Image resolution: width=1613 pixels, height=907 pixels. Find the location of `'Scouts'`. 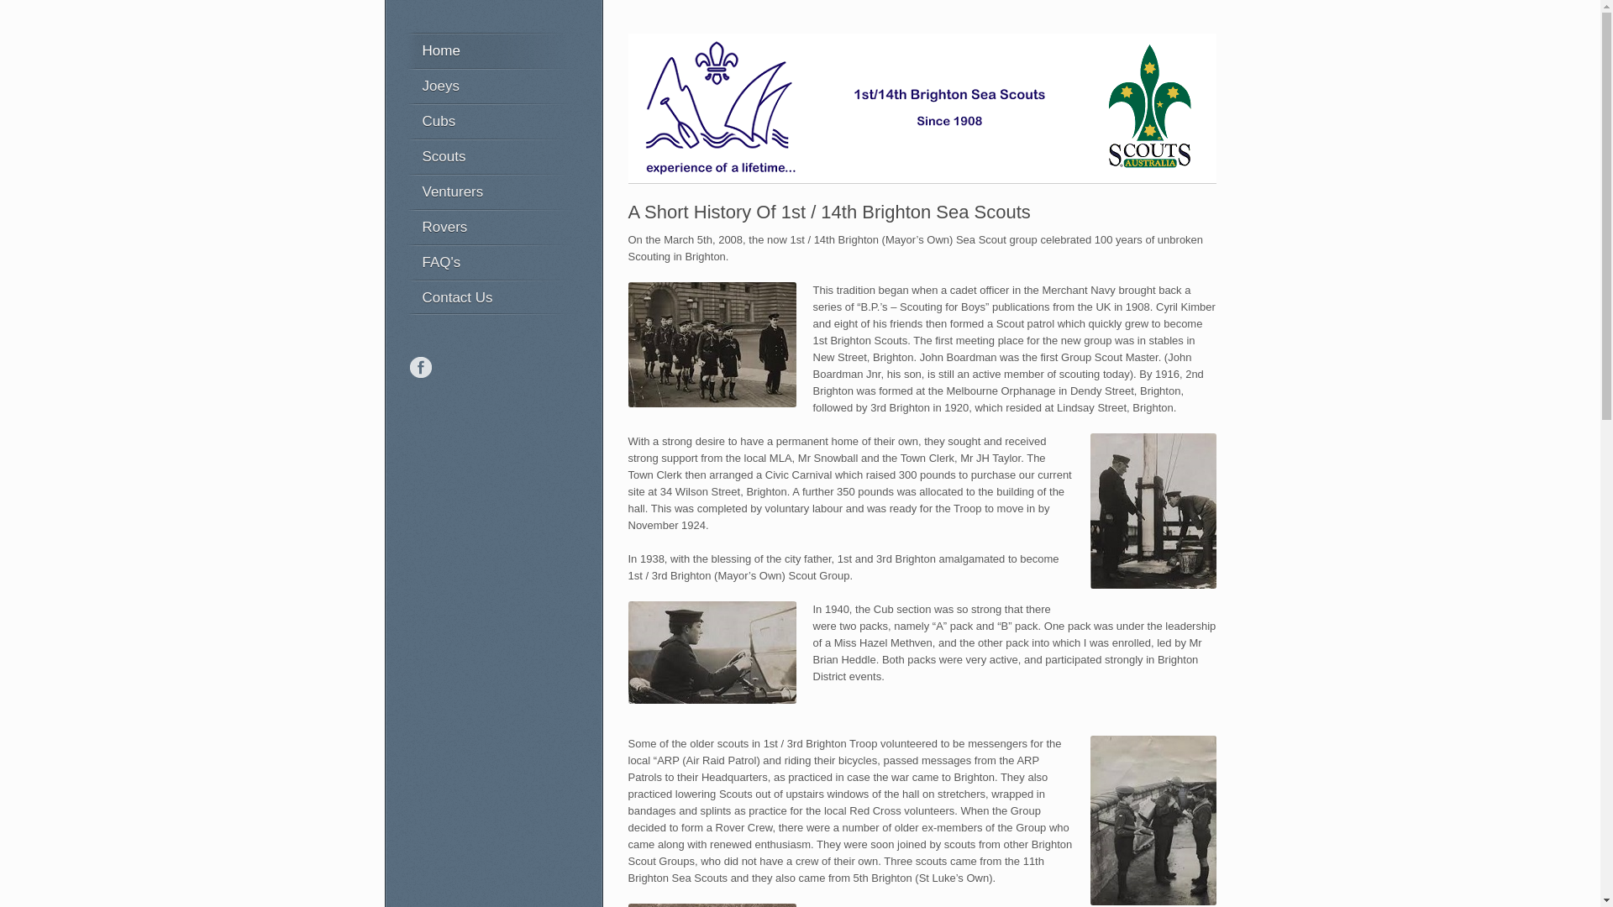

'Scouts' is located at coordinates (404, 155).